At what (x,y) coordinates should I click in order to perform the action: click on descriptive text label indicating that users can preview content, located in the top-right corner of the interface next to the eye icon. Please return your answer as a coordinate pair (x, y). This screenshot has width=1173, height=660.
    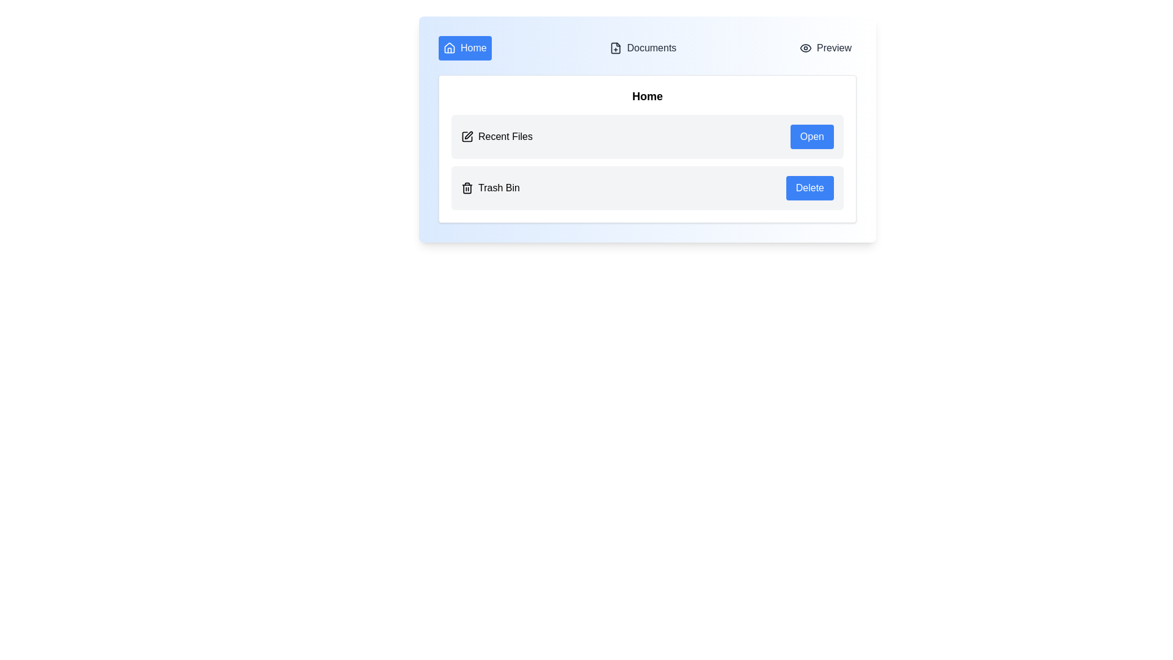
    Looking at the image, I should click on (833, 47).